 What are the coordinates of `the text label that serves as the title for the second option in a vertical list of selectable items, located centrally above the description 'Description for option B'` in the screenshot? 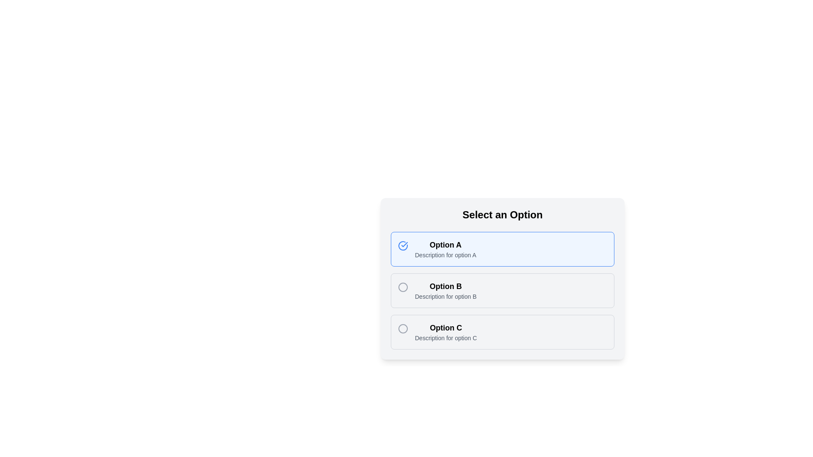 It's located at (445, 286).